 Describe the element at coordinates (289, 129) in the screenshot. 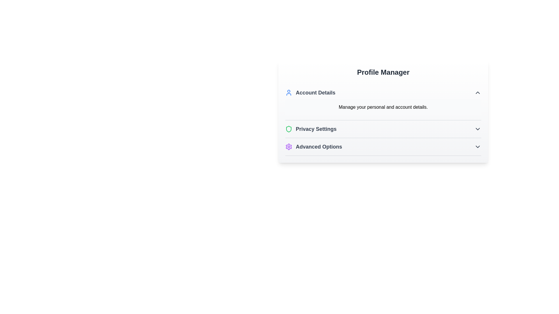

I see `the shield-shaped icon with a green border located next to 'Privacy Settings' under the 'Profile Manager' title` at that location.